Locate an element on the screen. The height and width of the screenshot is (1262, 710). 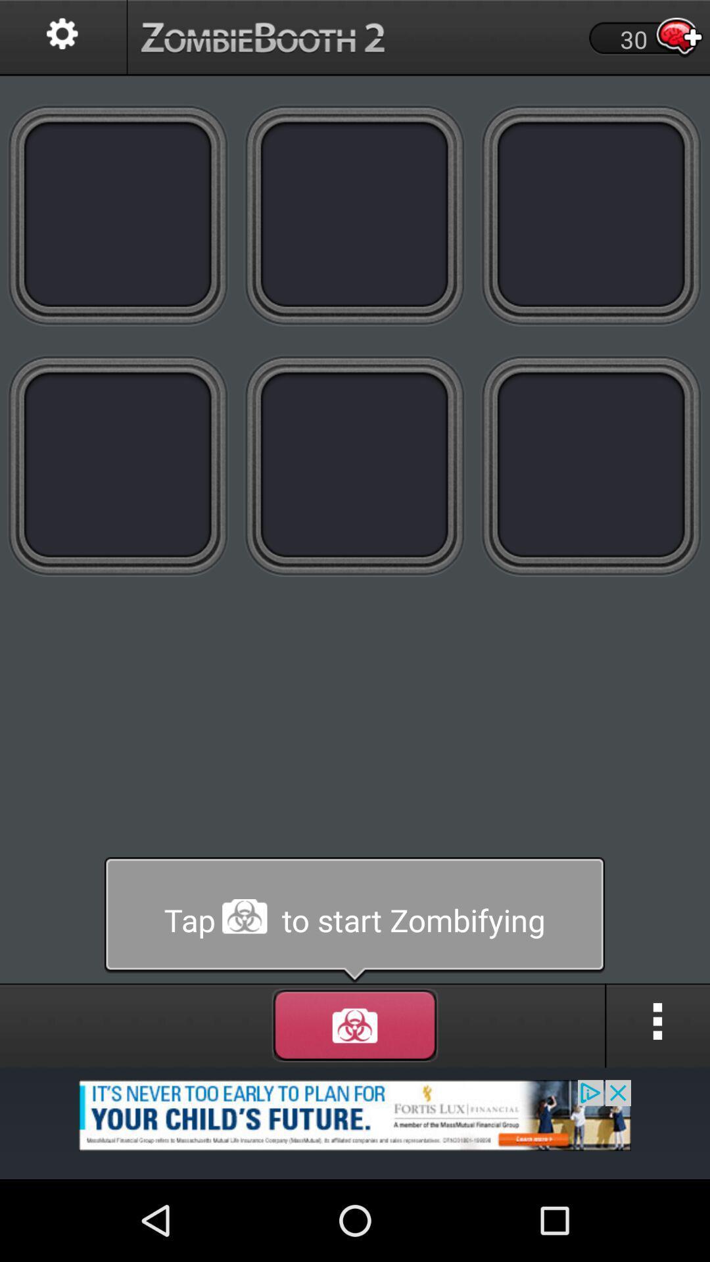
setterin pega is located at coordinates (63, 37).